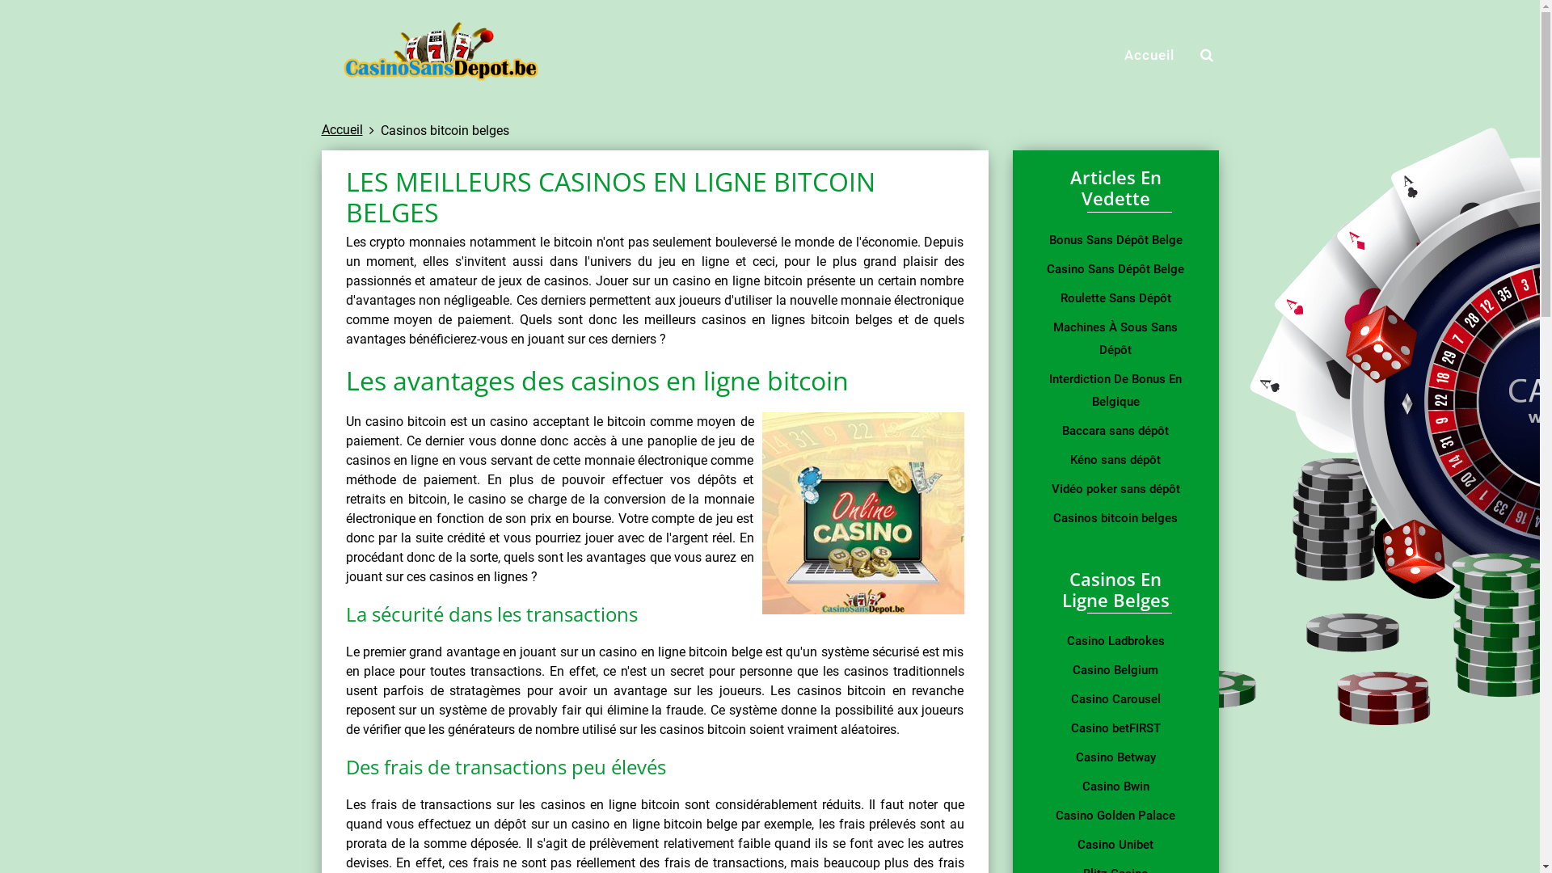 The width and height of the screenshot is (1552, 873). I want to click on 'Casino Unibet', so click(1114, 844).